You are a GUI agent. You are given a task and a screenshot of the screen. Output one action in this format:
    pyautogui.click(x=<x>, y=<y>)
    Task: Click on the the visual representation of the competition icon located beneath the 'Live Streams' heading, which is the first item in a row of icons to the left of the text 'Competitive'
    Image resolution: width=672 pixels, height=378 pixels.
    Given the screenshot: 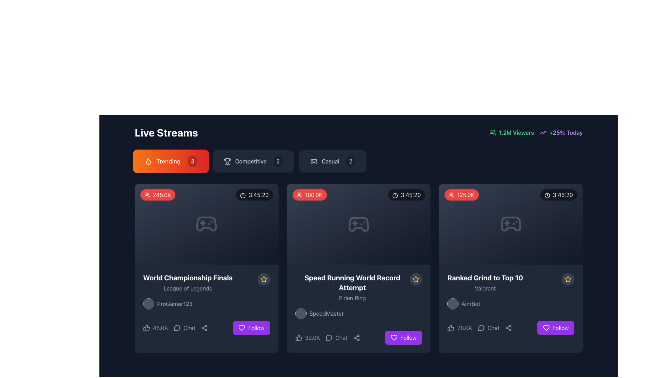 What is the action you would take?
    pyautogui.click(x=227, y=161)
    